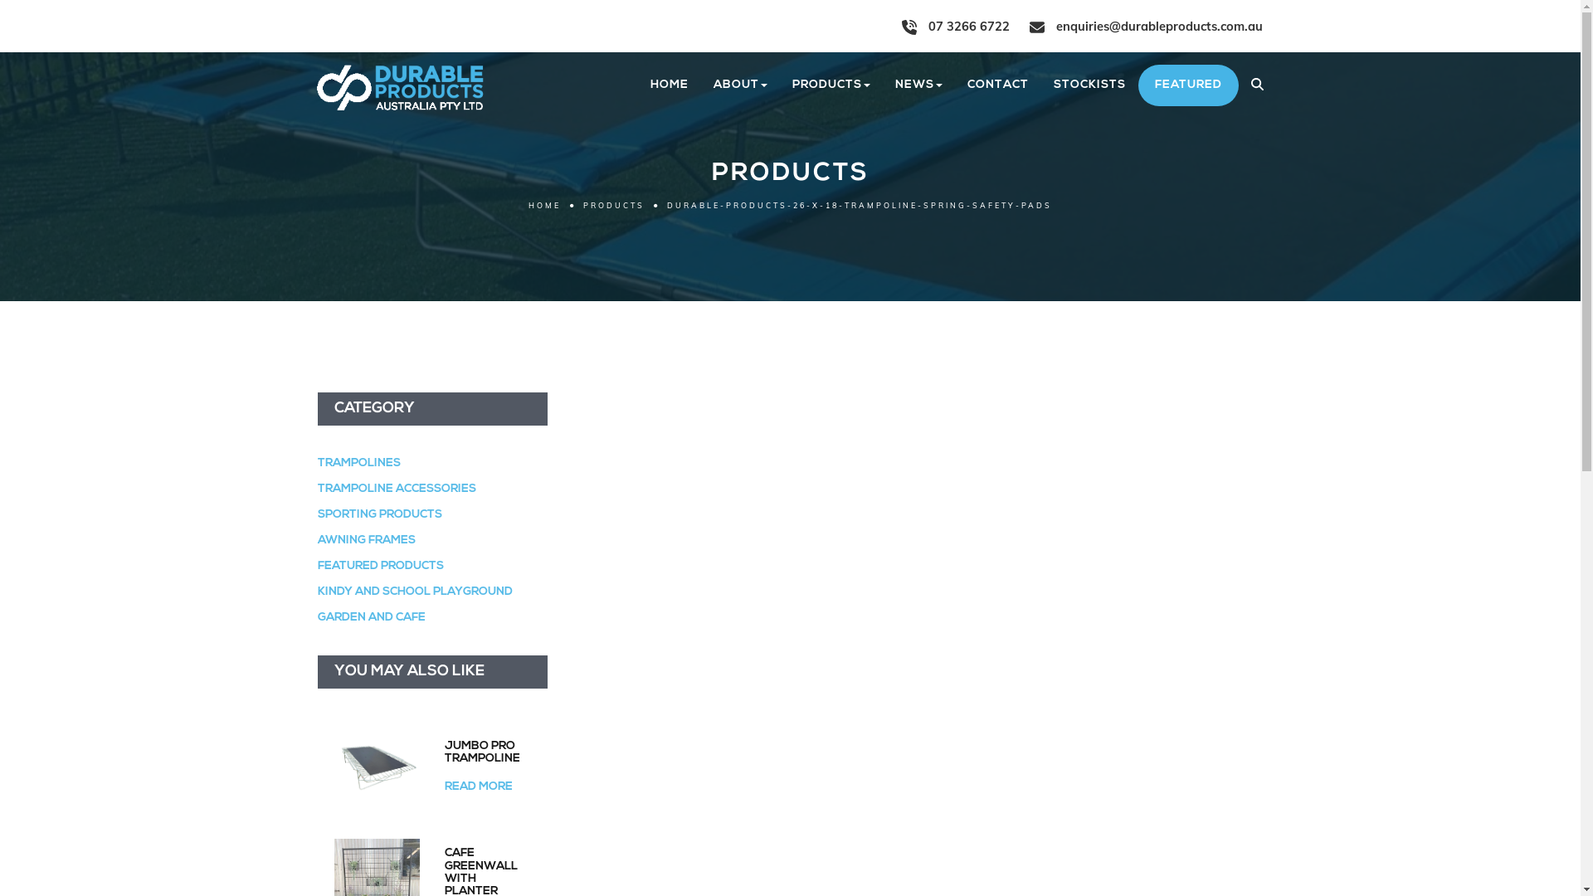  What do you see at coordinates (918, 85) in the screenshot?
I see `'NEWS'` at bounding box center [918, 85].